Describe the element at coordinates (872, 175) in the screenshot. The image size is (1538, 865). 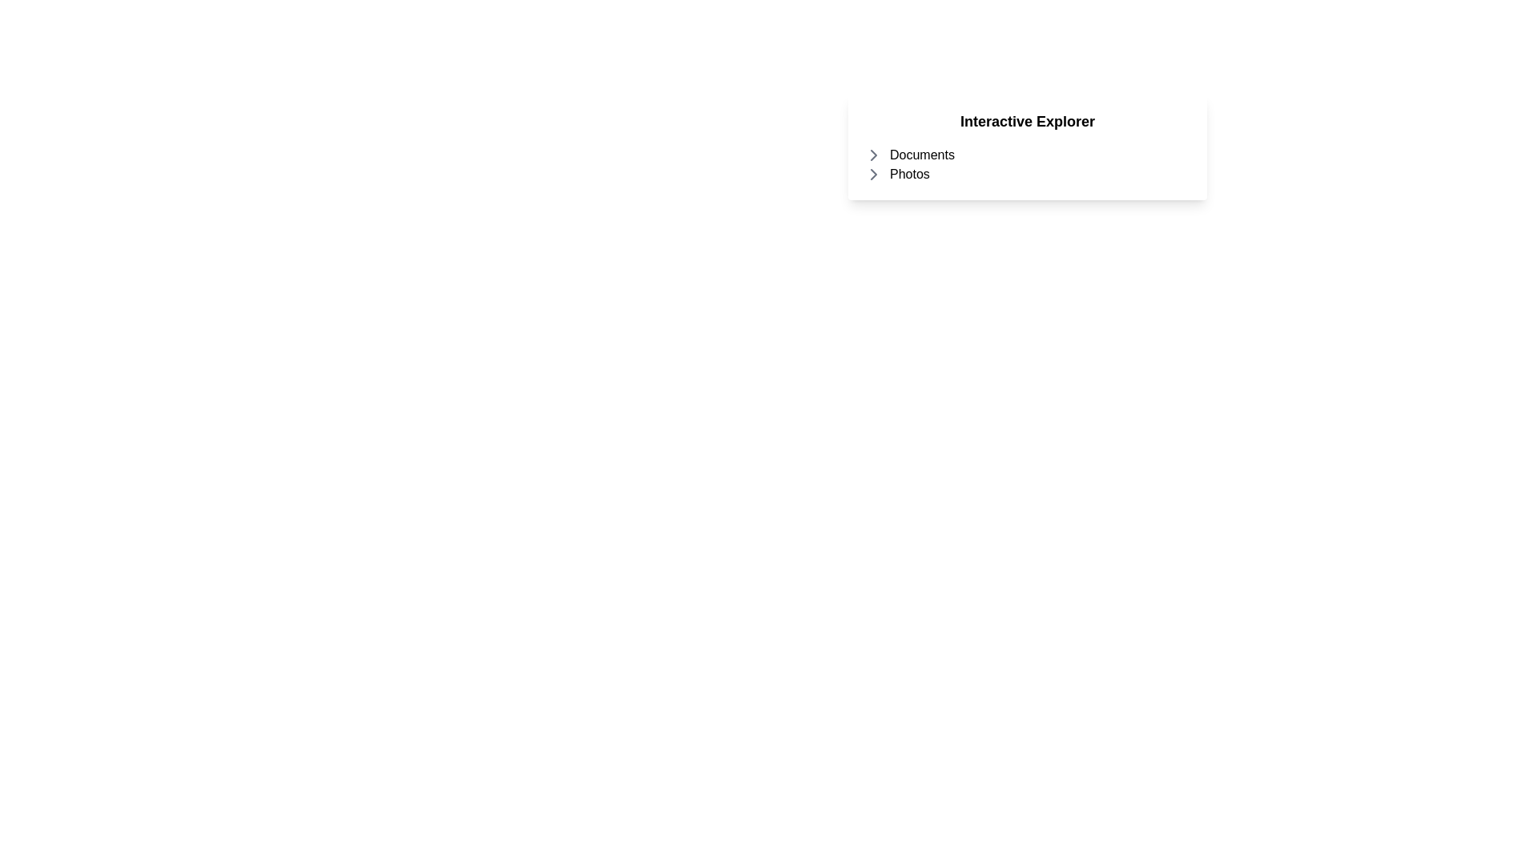
I see `the arrow icon located to the immediate left of the 'Photos' label` at that location.